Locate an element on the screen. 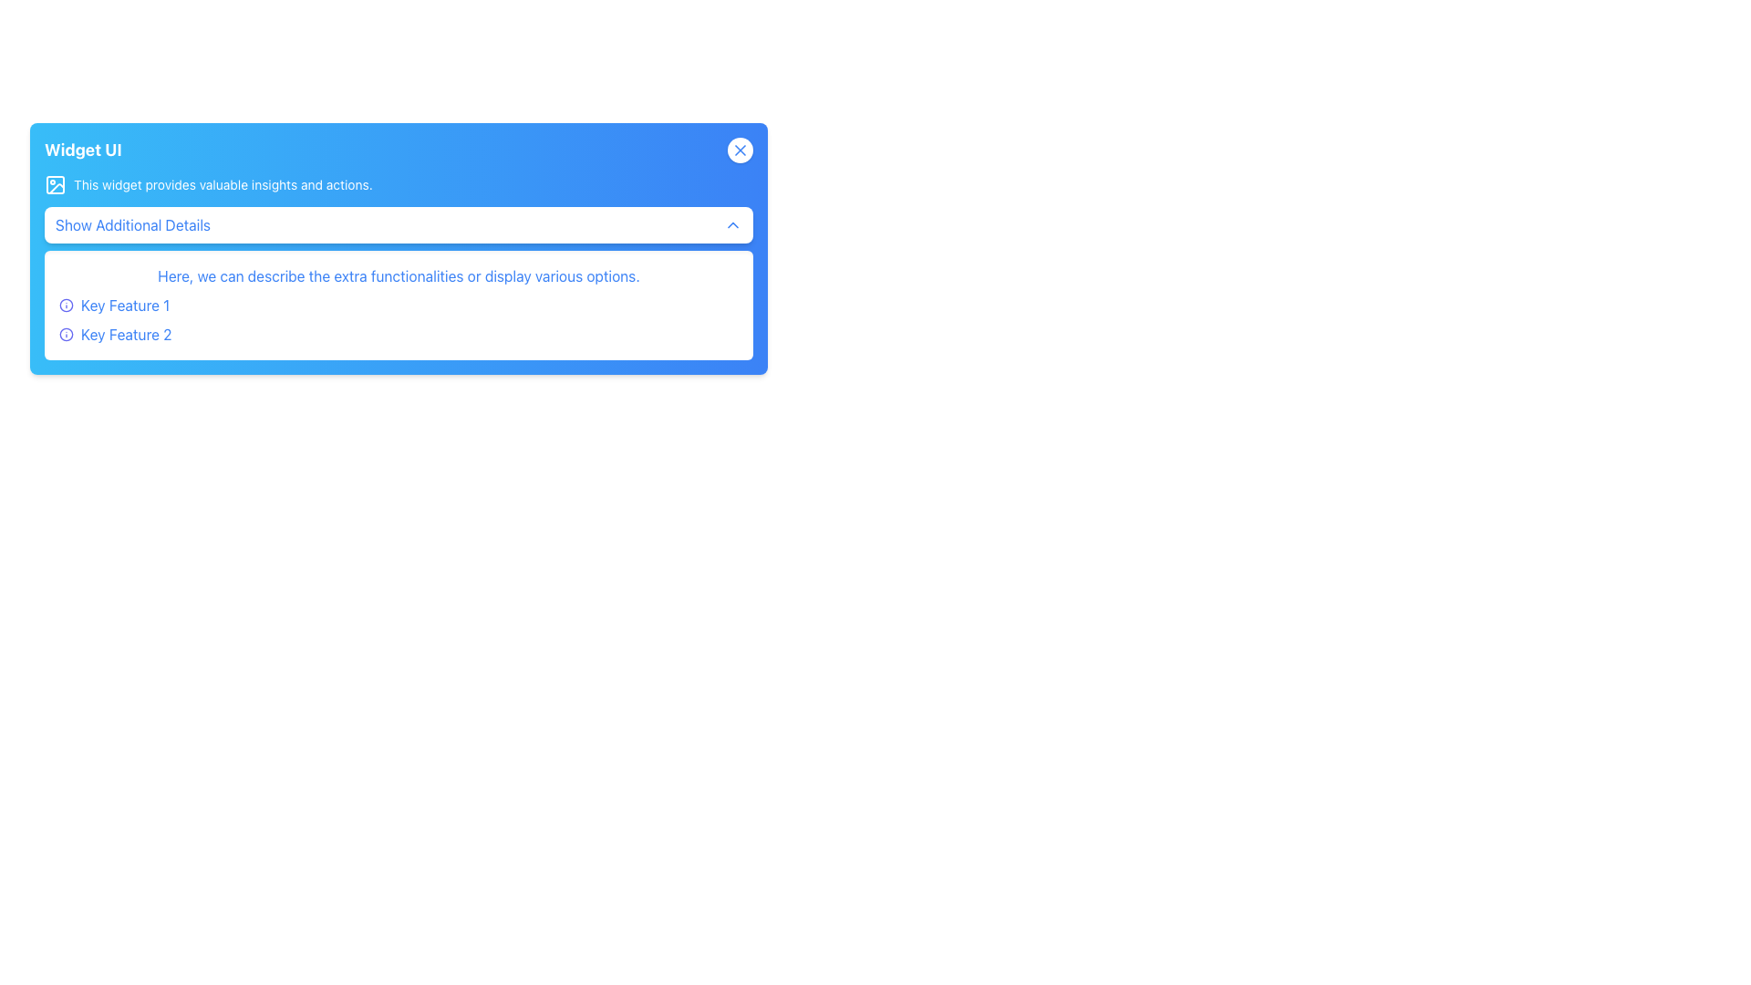 Image resolution: width=1751 pixels, height=985 pixels. the circular information icon with an encircled 'i' symbol located to the left of the text 'Key Feature 1' is located at coordinates (66, 305).